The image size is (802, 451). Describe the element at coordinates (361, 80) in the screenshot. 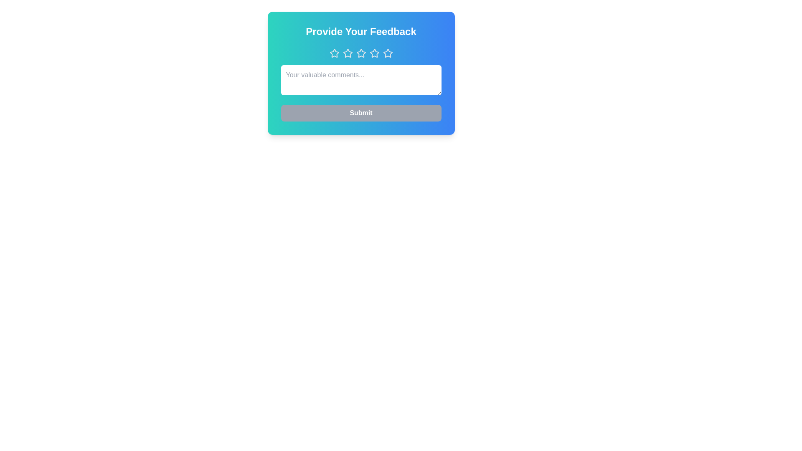

I see `the text area and input the text 'Your valuable comments...'` at that location.